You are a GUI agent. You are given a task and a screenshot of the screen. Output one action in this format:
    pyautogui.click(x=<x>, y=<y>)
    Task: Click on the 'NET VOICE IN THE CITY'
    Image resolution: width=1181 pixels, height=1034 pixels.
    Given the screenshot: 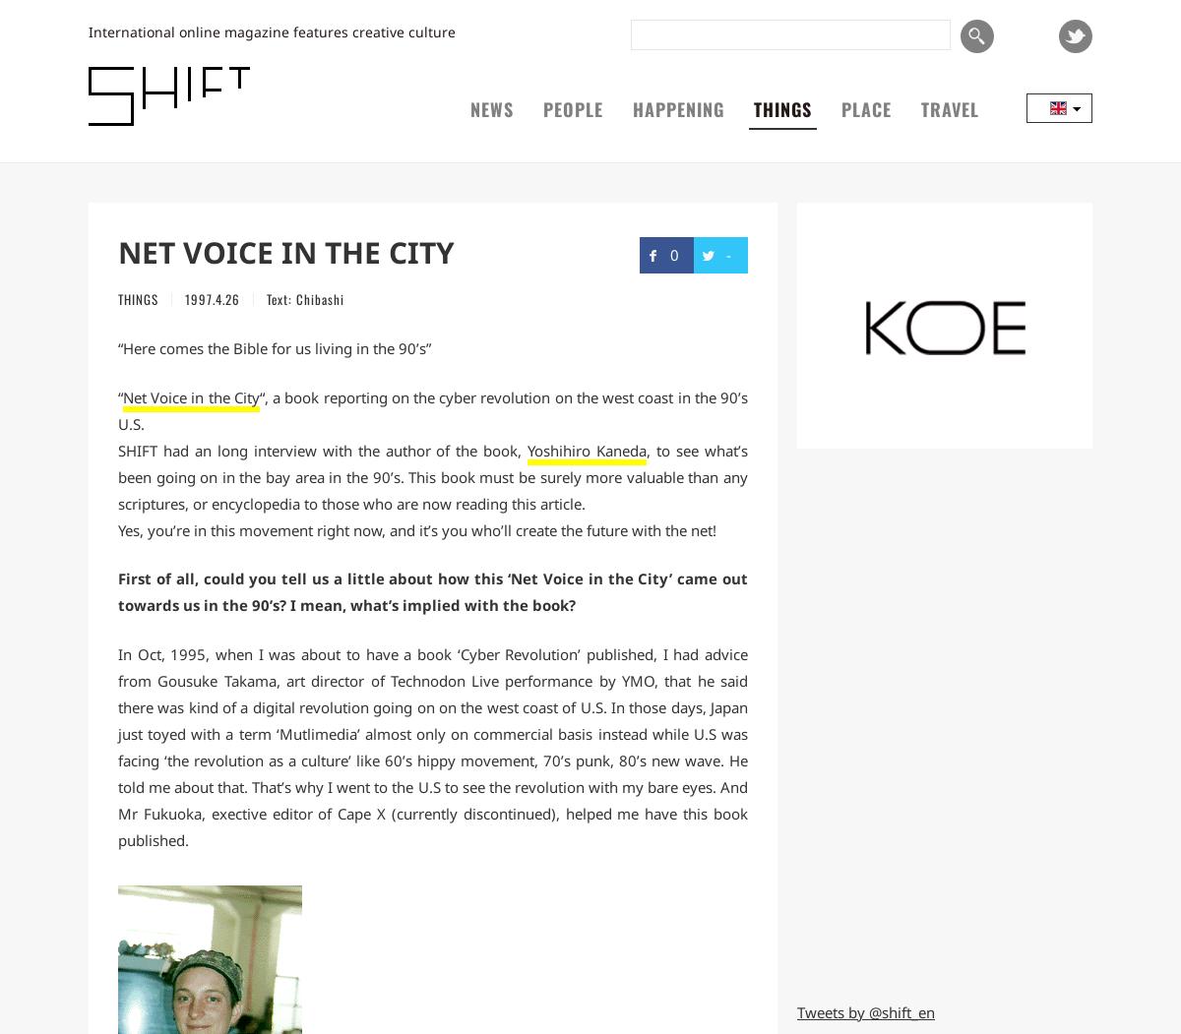 What is the action you would take?
    pyautogui.click(x=285, y=252)
    